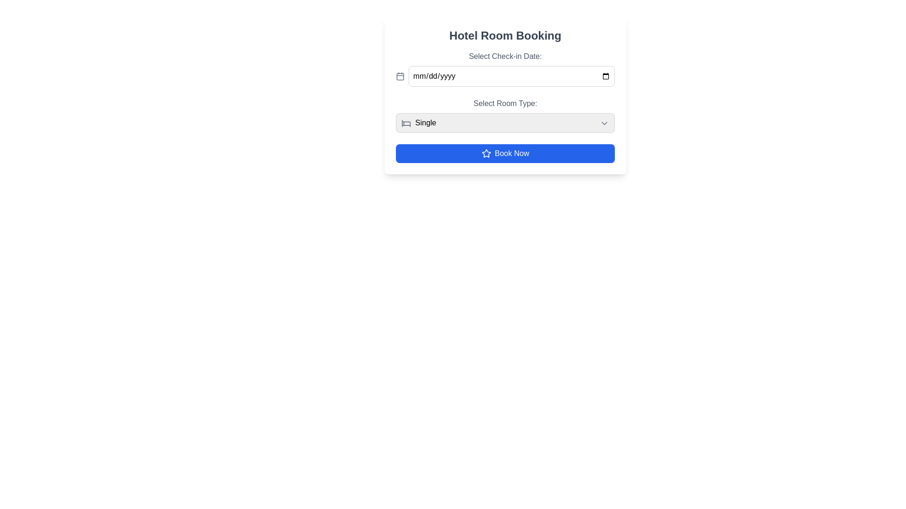 The image size is (906, 509). I want to click on the text label that guides the user to input the check-in date, located above the date input field and calendar icon, so click(504, 56).